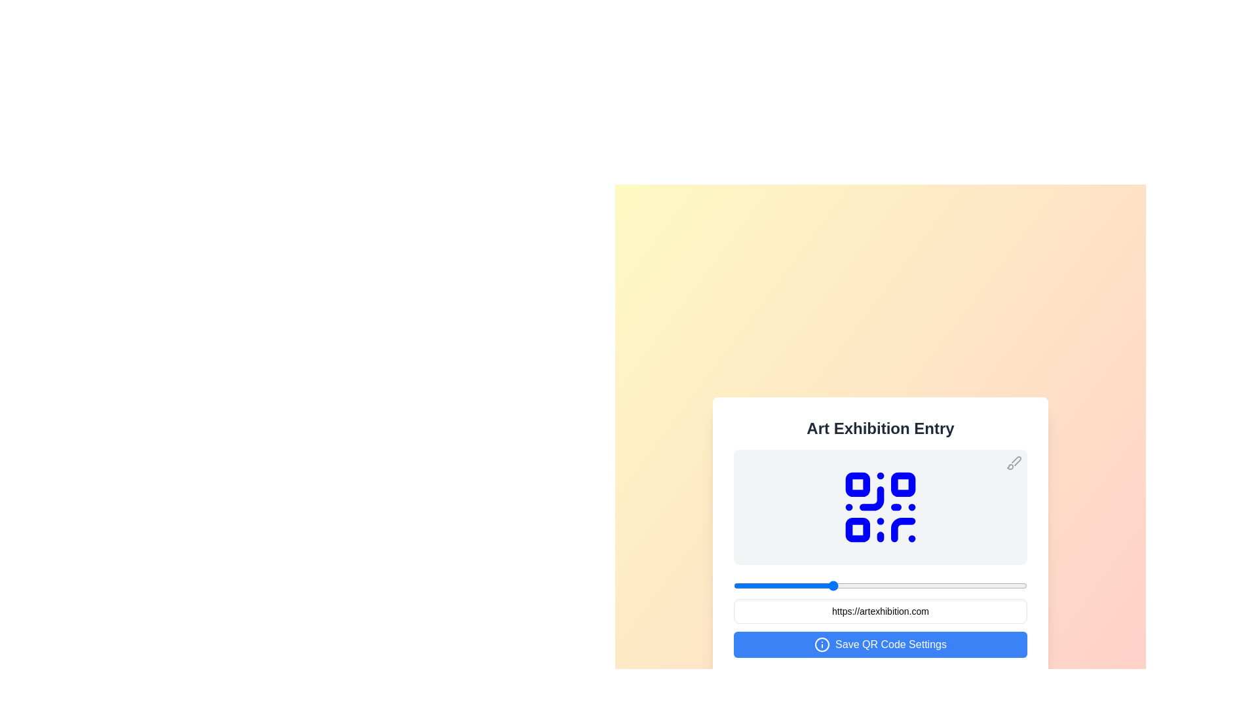 Image resolution: width=1258 pixels, height=707 pixels. What do you see at coordinates (871, 498) in the screenshot?
I see `the small geometric vector art style shape that forms a segment of a QR code, which is part of the larger QR code in the center of the interface` at bounding box center [871, 498].